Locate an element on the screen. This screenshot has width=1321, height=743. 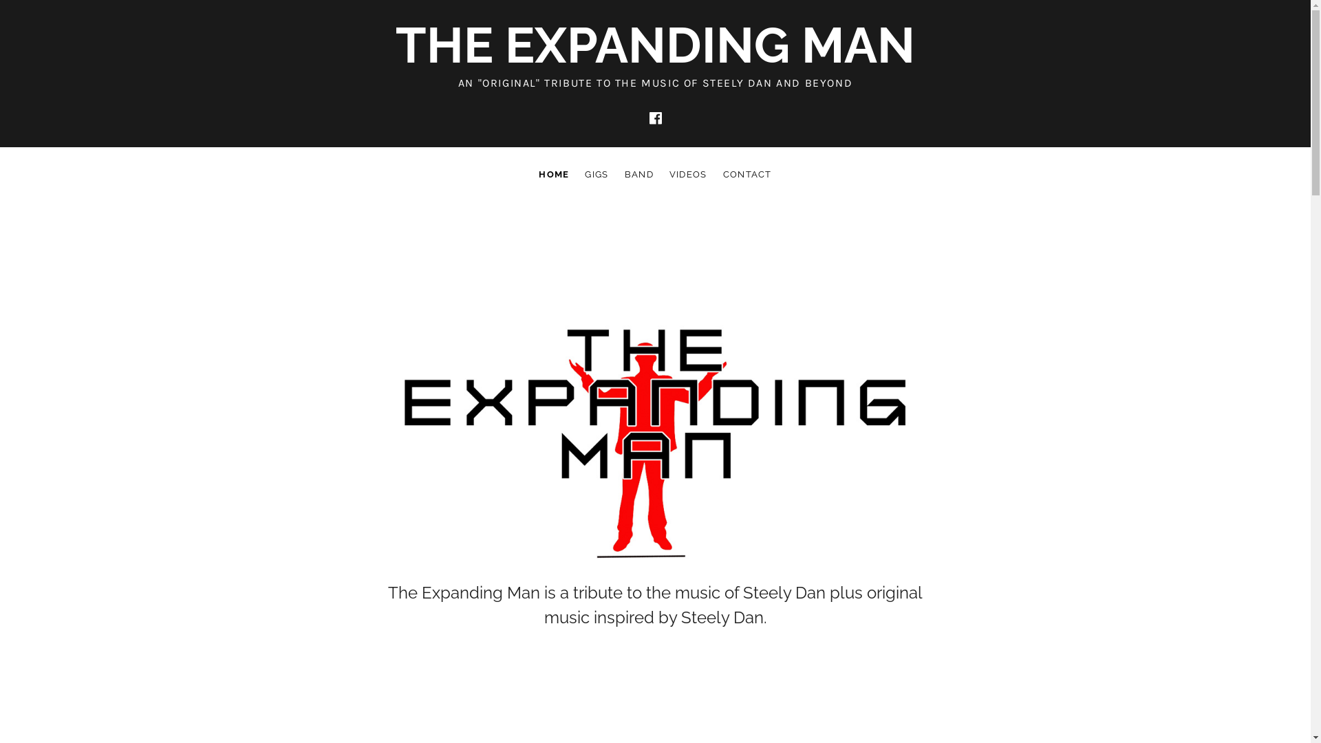
'THE EXPANDING MAN' is located at coordinates (654, 44).